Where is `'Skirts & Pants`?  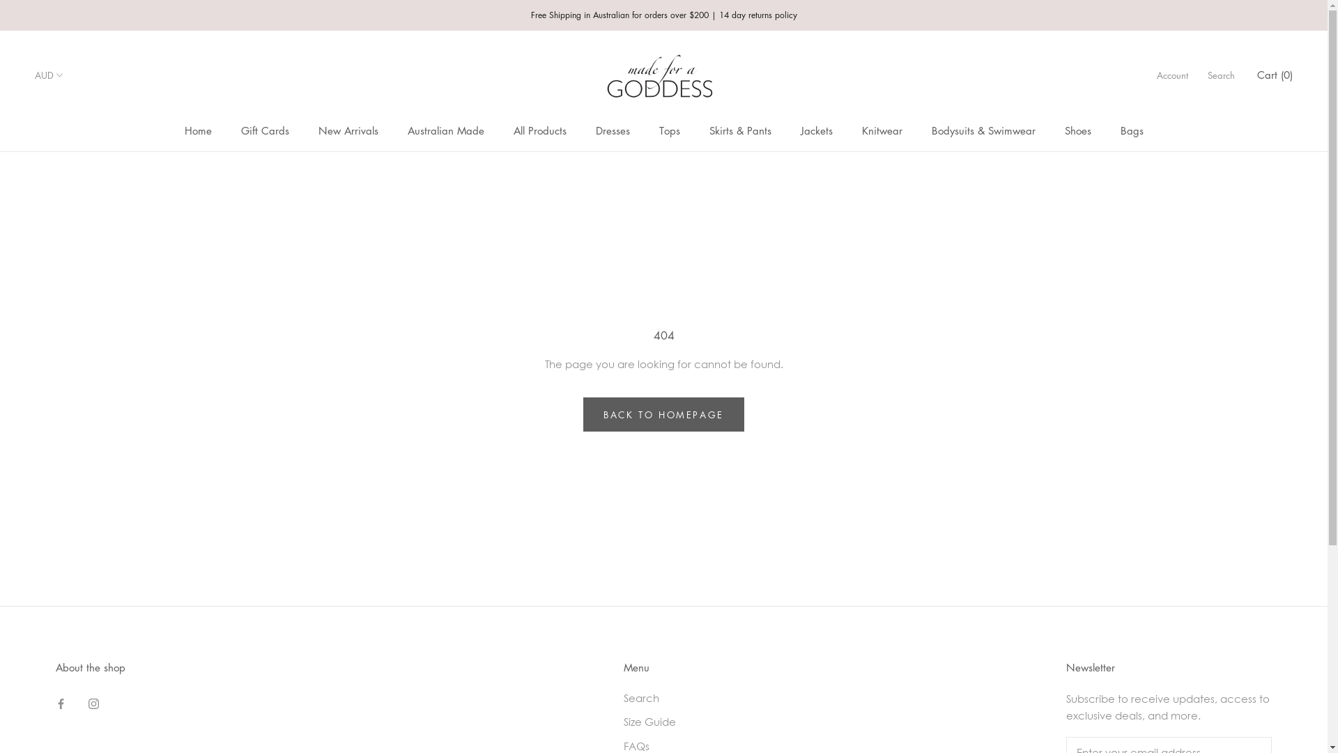 'Skirts & Pants is located at coordinates (739, 130).